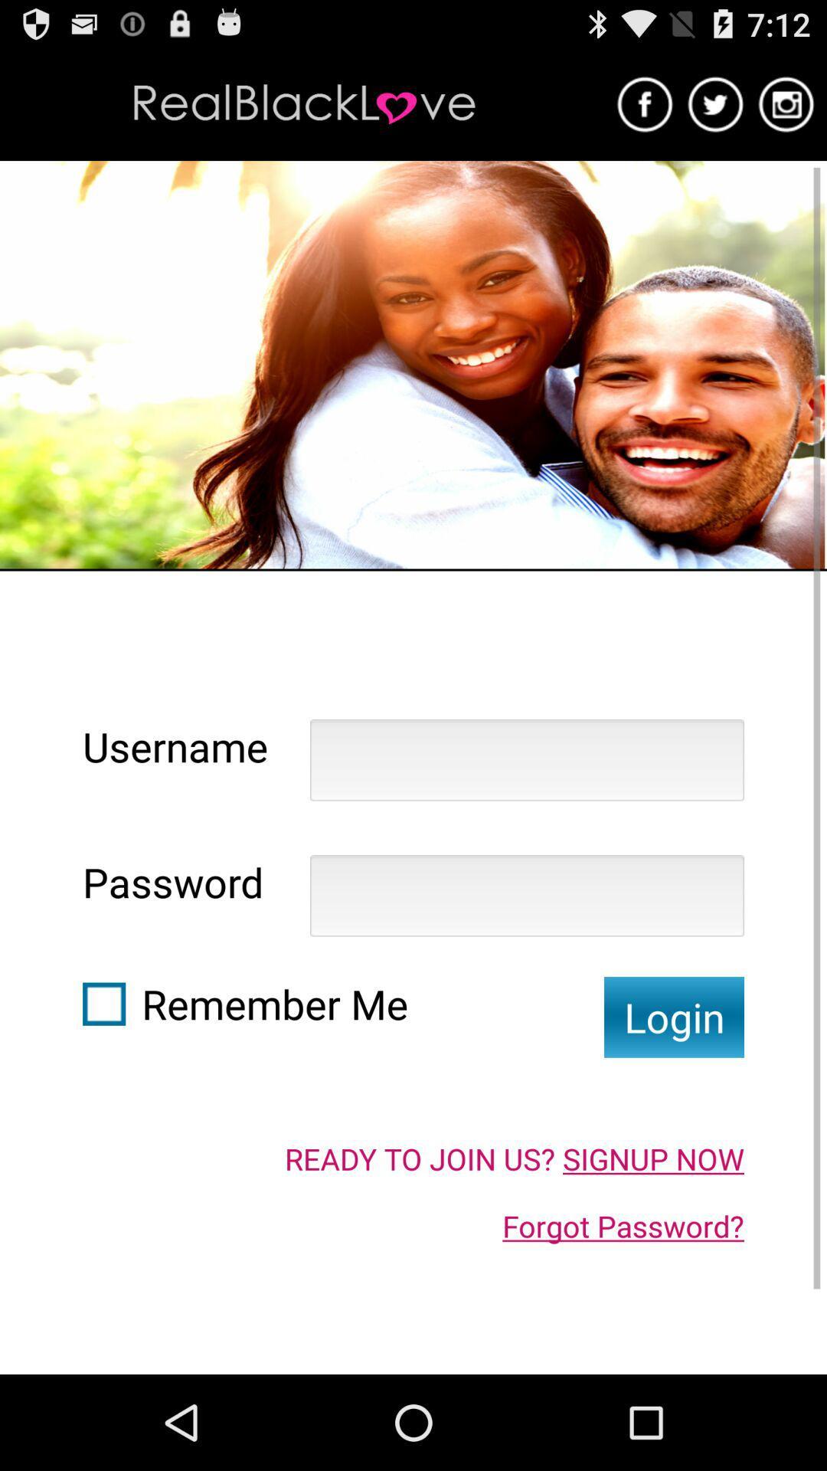 This screenshot has height=1471, width=827. Describe the element at coordinates (715, 110) in the screenshot. I see `the twitter icon` at that location.